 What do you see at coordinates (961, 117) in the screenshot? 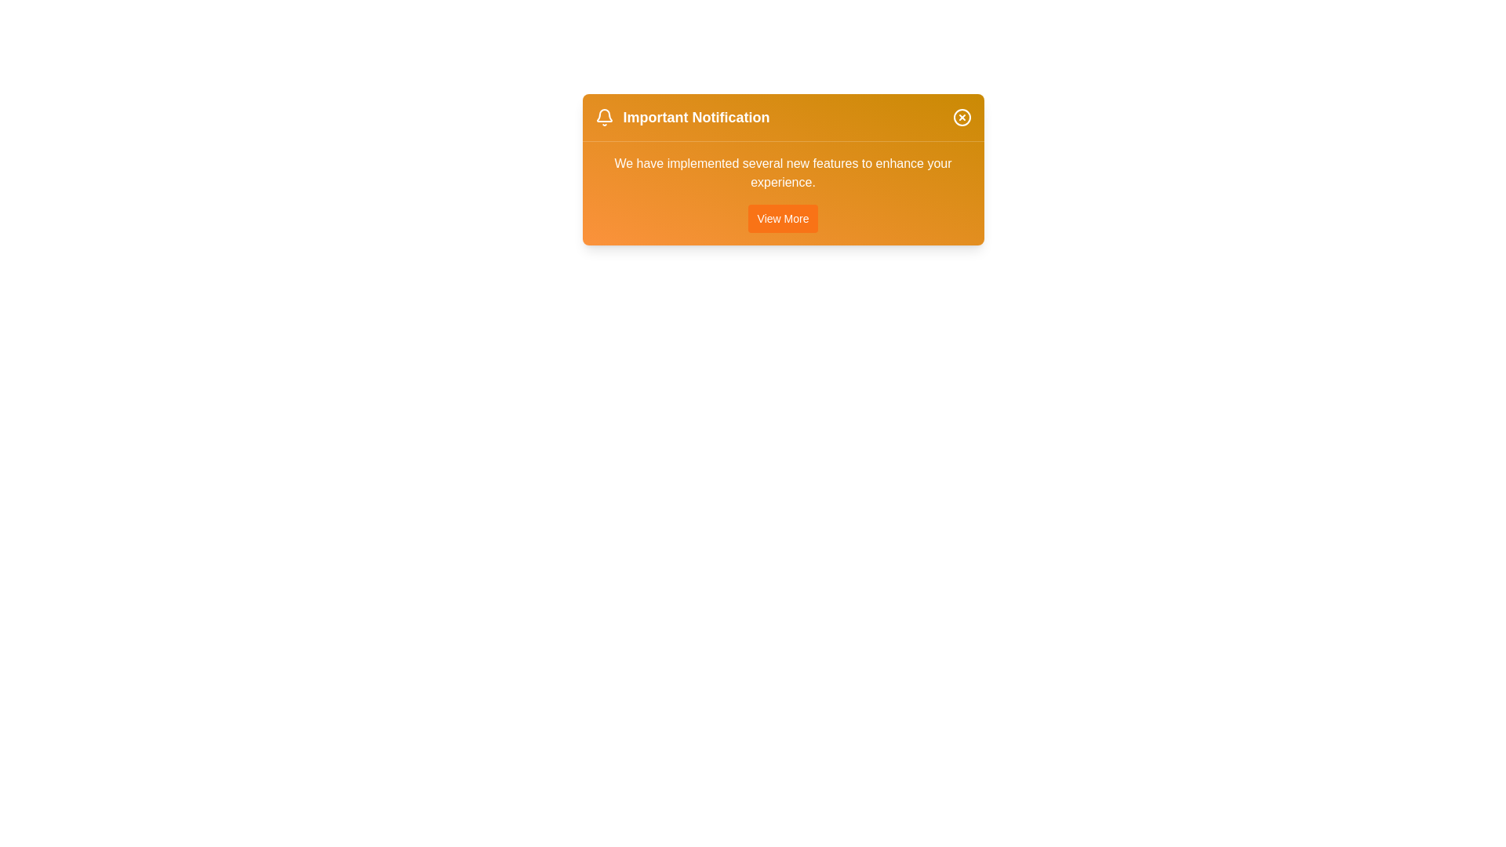
I see `the close button of the notification alert` at bounding box center [961, 117].